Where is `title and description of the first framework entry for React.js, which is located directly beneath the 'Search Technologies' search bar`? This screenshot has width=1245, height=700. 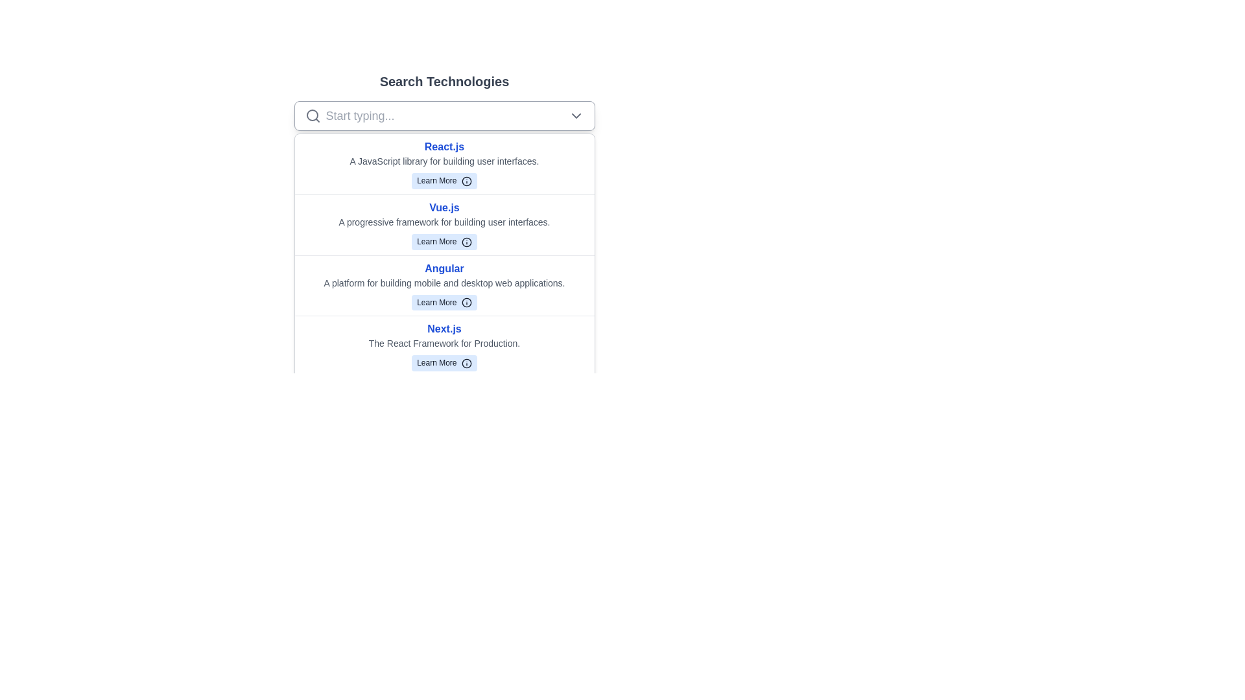
title and description of the first framework entry for React.js, which is located directly beneath the 'Search Technologies' search bar is located at coordinates (444, 163).